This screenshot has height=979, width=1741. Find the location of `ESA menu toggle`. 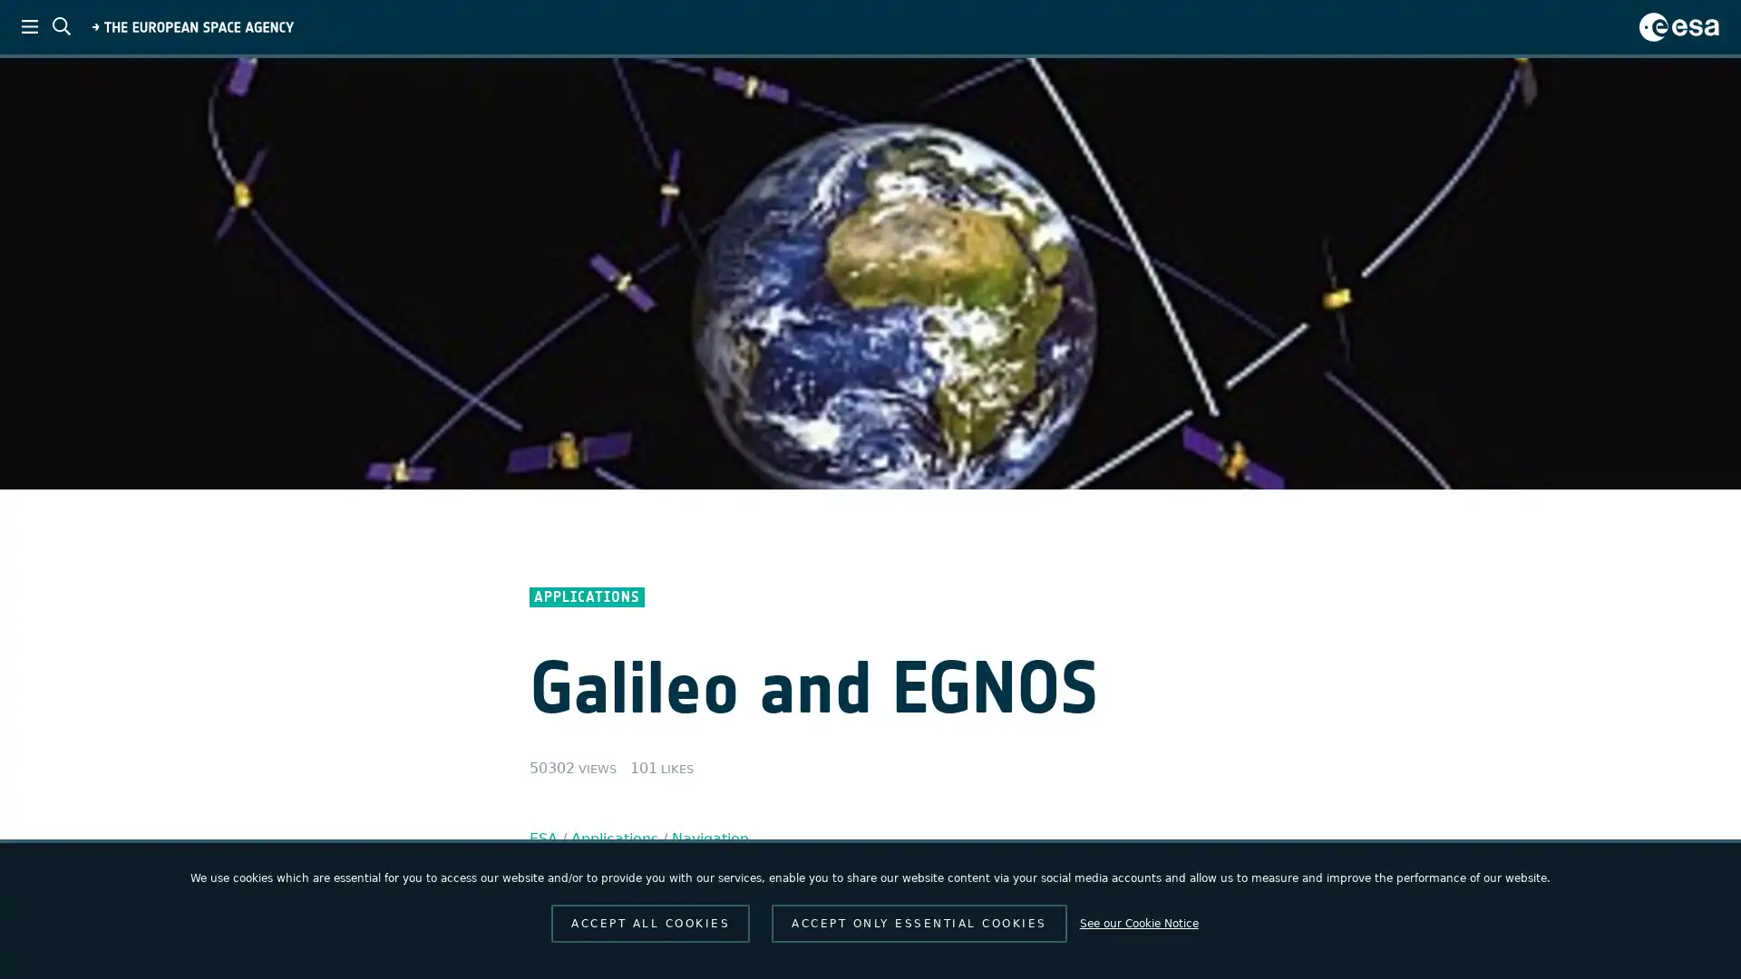

ESA menu toggle is located at coordinates (30, 27).